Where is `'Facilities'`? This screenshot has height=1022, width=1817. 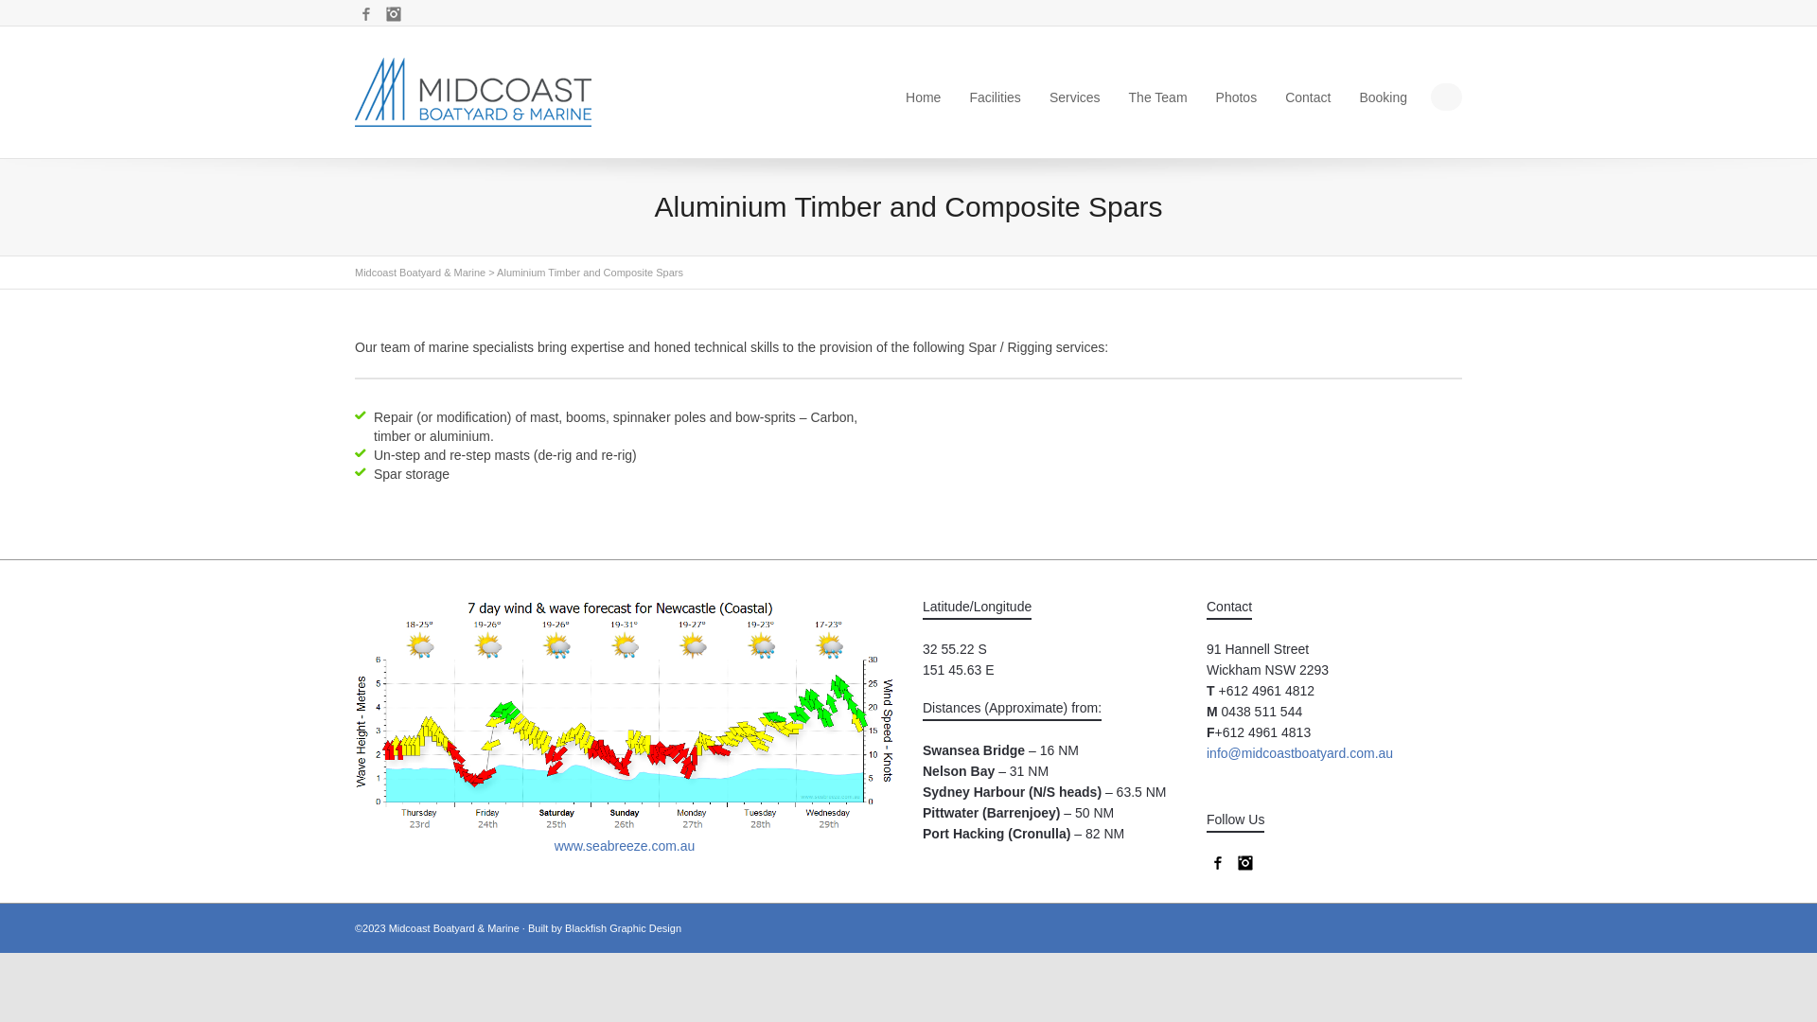
'Facilities' is located at coordinates (994, 97).